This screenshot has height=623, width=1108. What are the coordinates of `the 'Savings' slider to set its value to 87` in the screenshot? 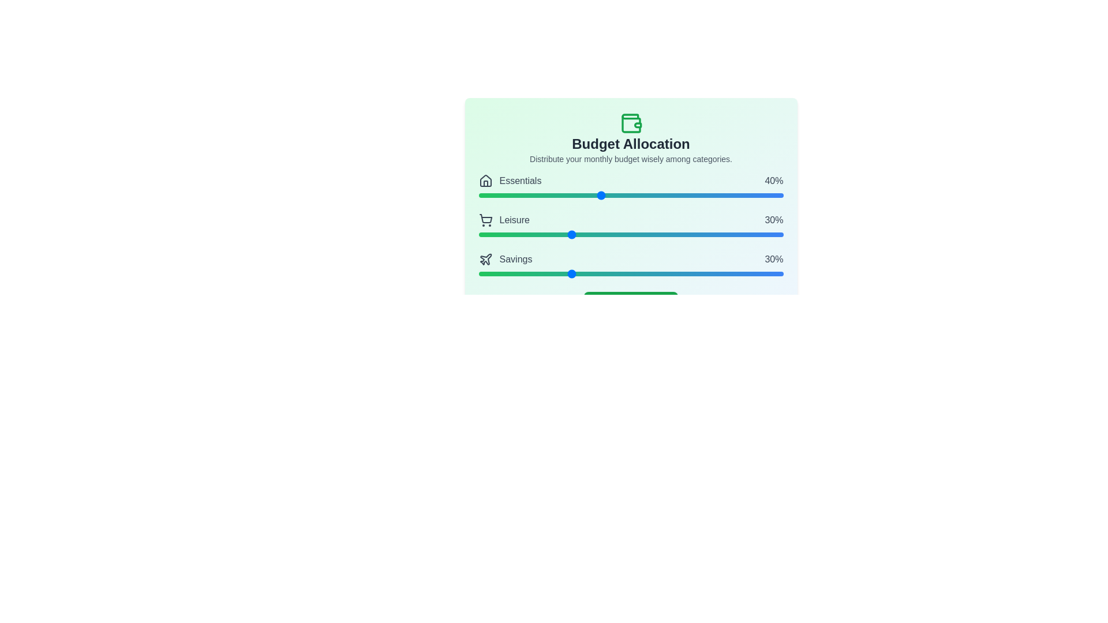 It's located at (743, 273).